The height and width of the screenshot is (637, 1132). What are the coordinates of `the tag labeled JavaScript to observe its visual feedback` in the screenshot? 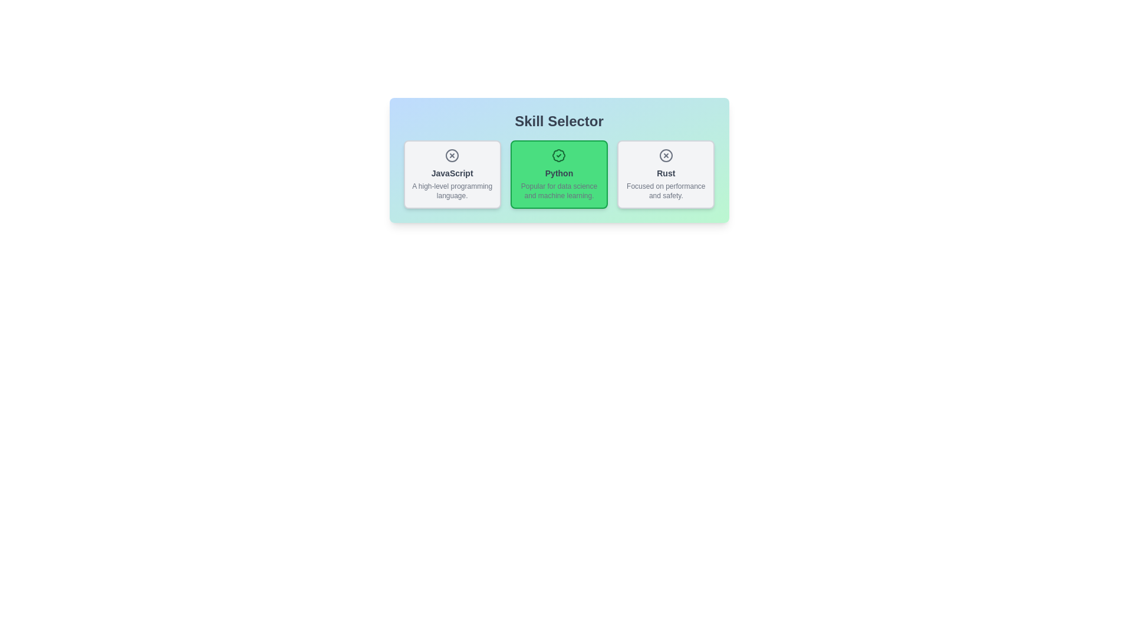 It's located at (452, 175).